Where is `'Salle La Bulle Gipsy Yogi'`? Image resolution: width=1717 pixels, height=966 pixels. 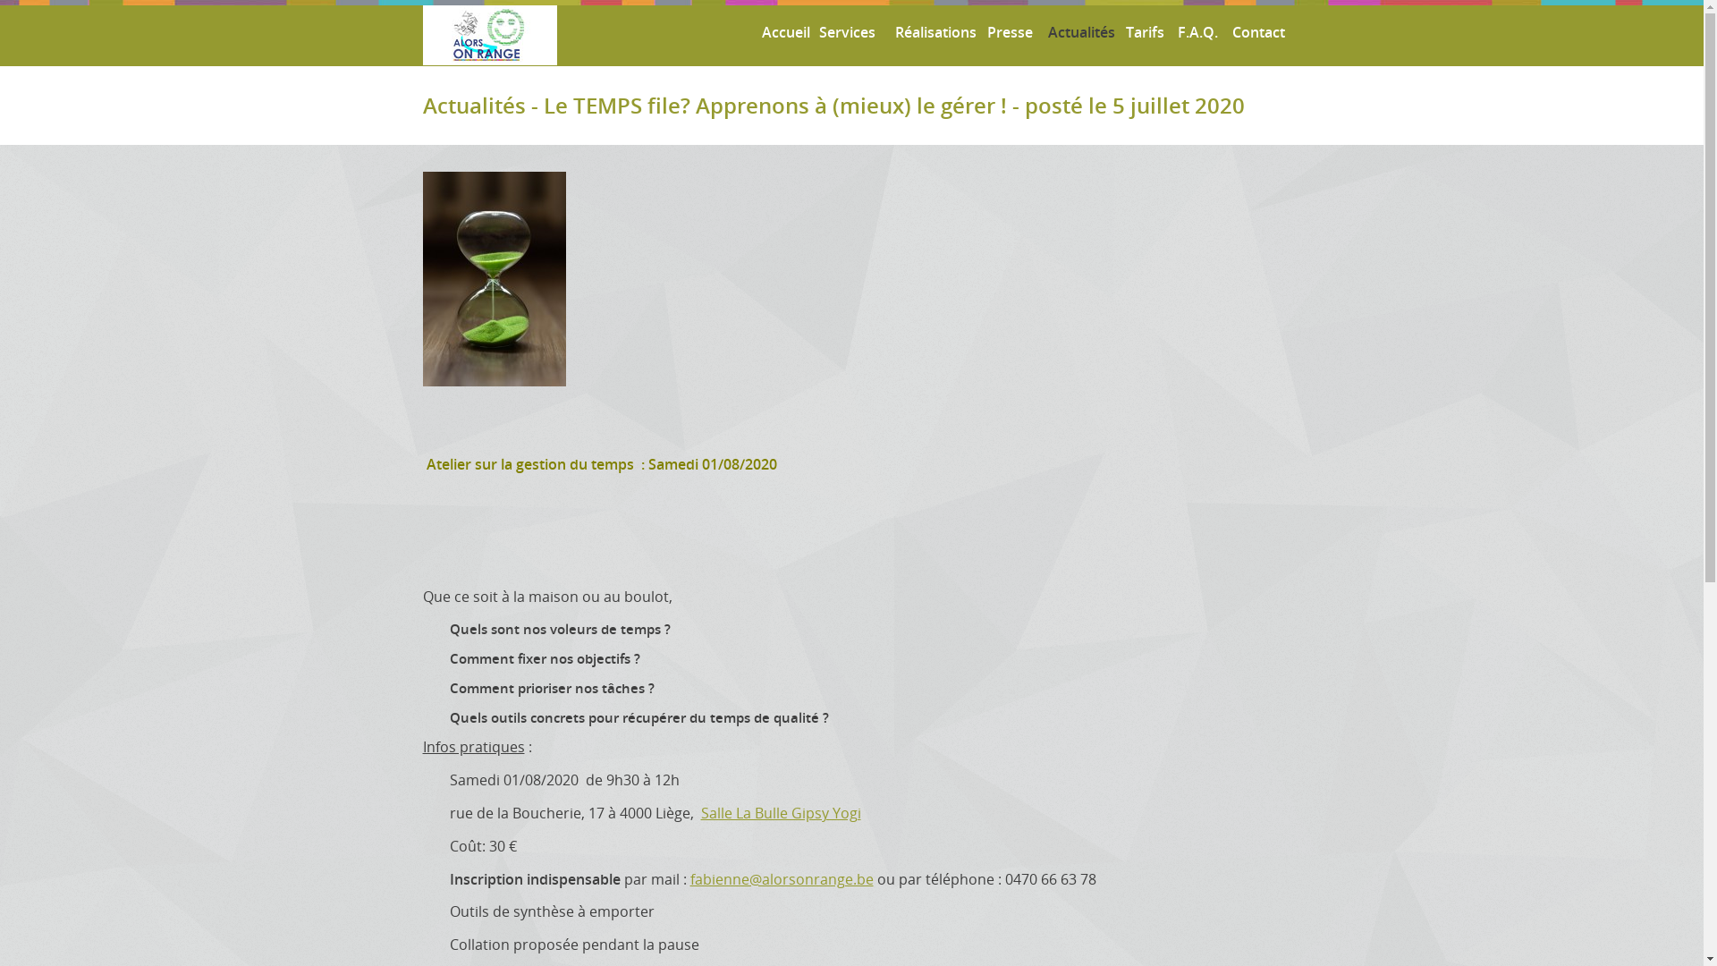
'Salle La Bulle Gipsy Yogi' is located at coordinates (781, 813).